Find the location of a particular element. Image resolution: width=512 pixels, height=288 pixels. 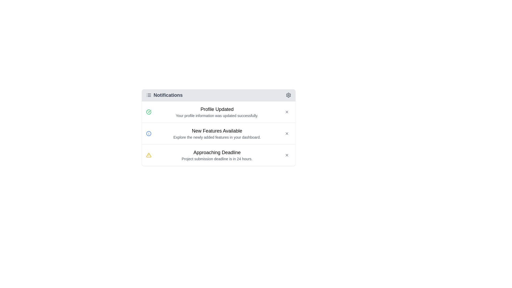

the 'Profile Updated' label, which is a larger textual heading at the top of the notification card indicating a successful profile update is located at coordinates (217, 109).